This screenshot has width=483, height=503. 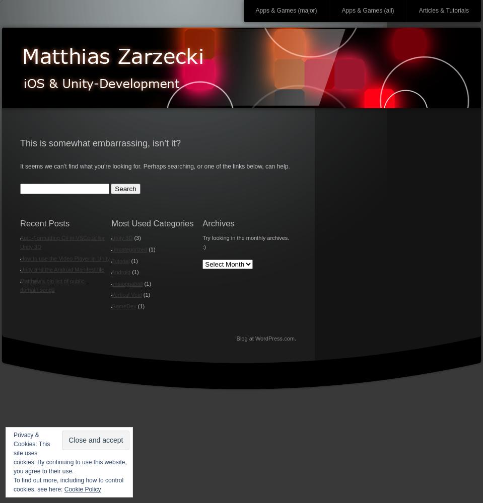 I want to click on 'GameDev', so click(x=123, y=305).